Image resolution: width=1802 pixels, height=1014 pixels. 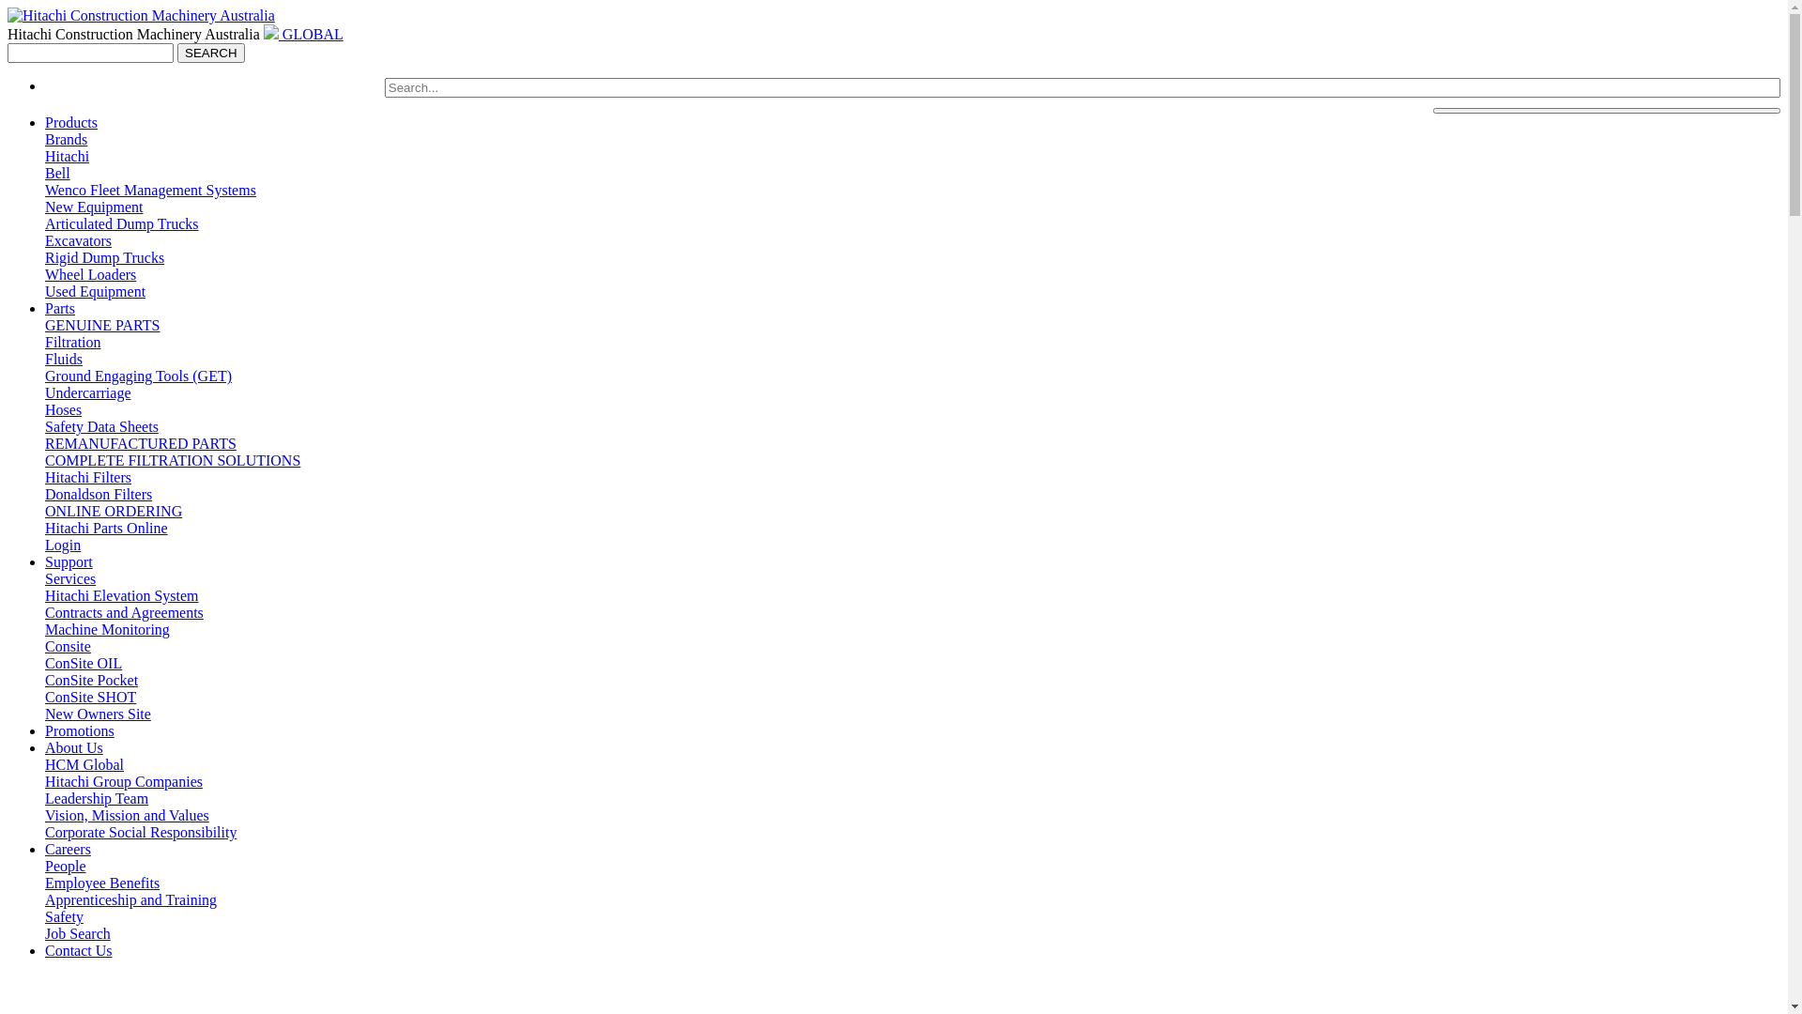 I want to click on 'Support', so click(x=69, y=561).